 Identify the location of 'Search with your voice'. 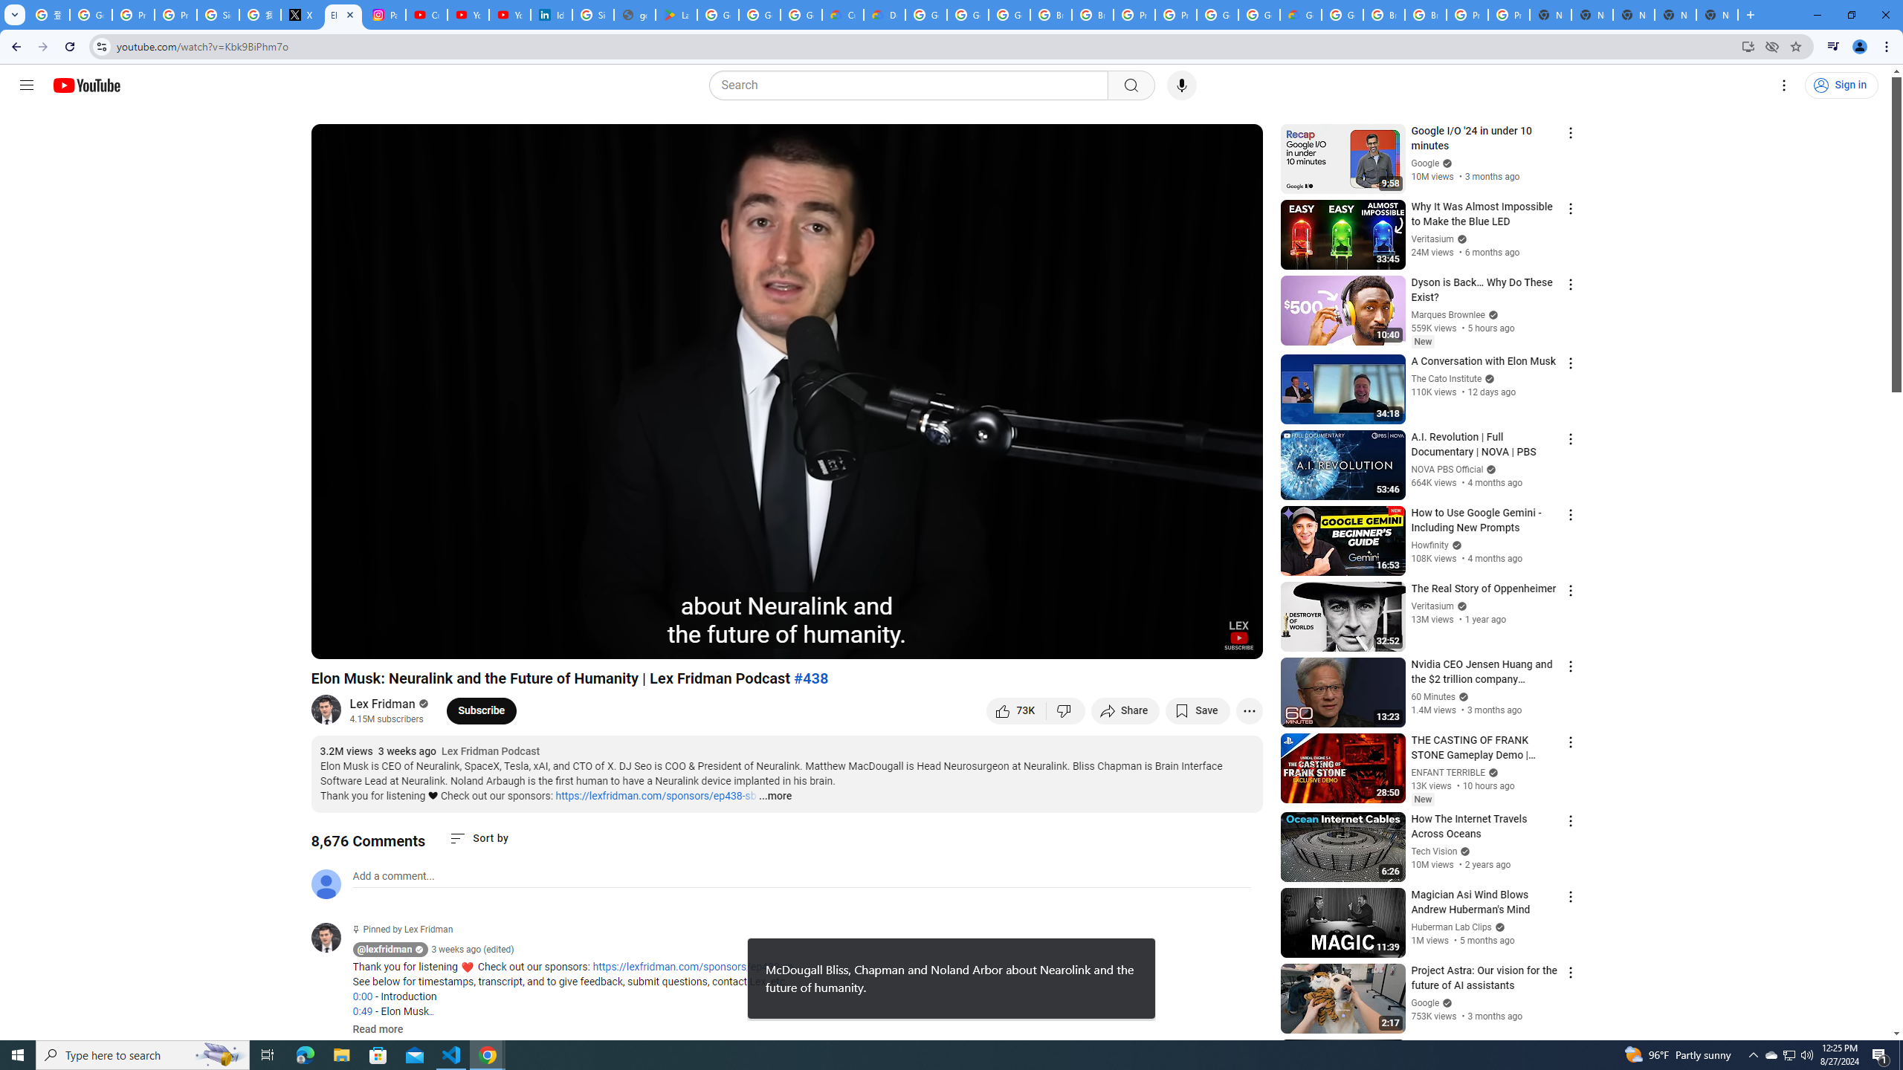
(1181, 85).